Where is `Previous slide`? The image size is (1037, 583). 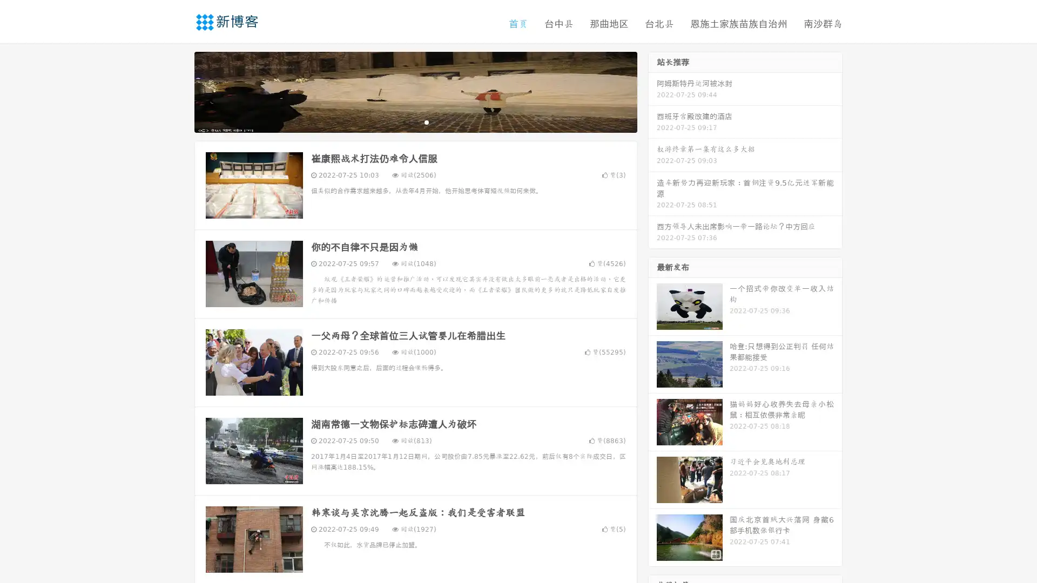 Previous slide is located at coordinates (178, 91).